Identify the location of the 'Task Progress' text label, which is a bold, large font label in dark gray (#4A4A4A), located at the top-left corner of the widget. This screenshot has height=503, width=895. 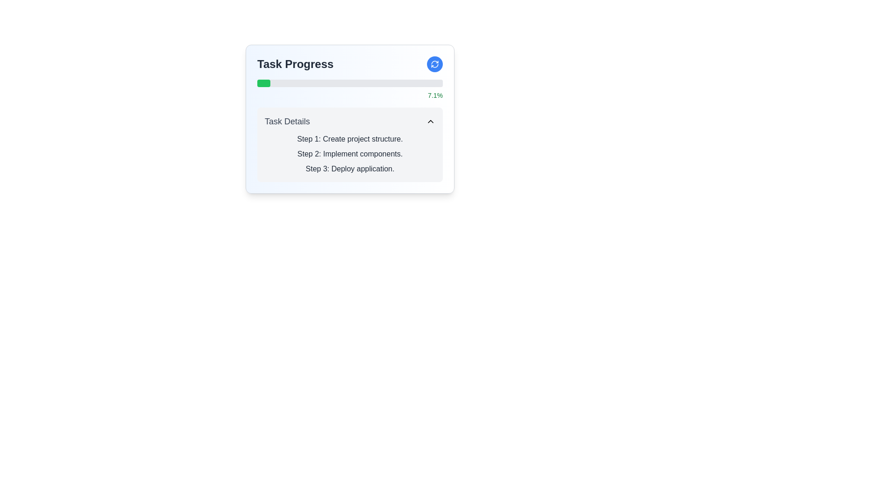
(295, 64).